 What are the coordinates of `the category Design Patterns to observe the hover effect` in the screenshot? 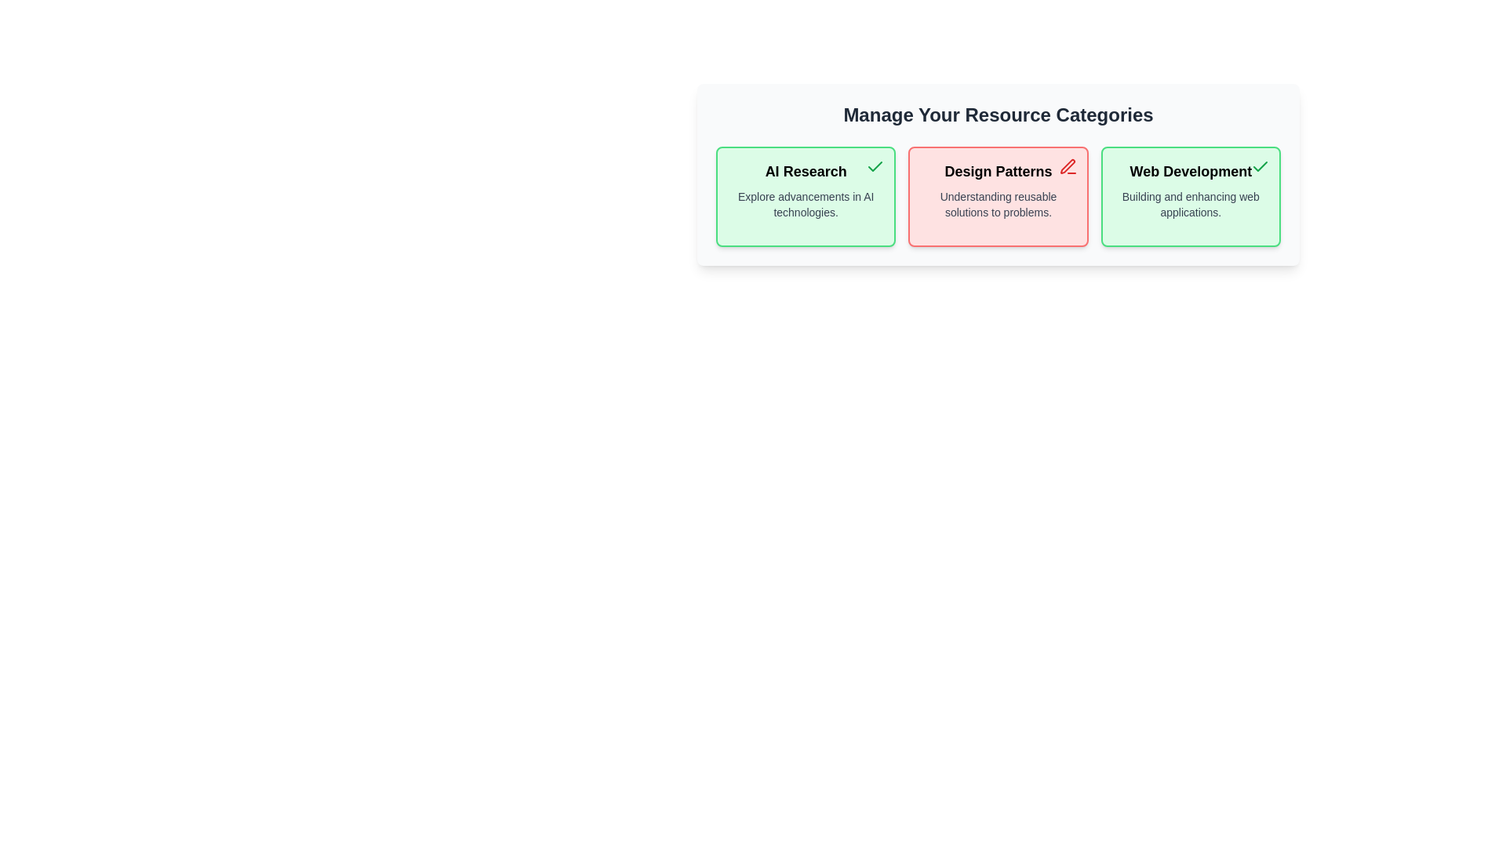 It's located at (997, 195).